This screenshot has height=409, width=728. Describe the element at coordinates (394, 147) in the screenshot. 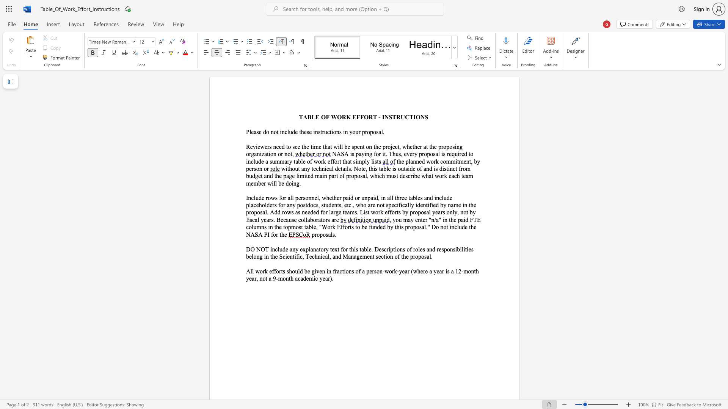

I see `the space between the continuous character "e" and "c" in the text` at that location.